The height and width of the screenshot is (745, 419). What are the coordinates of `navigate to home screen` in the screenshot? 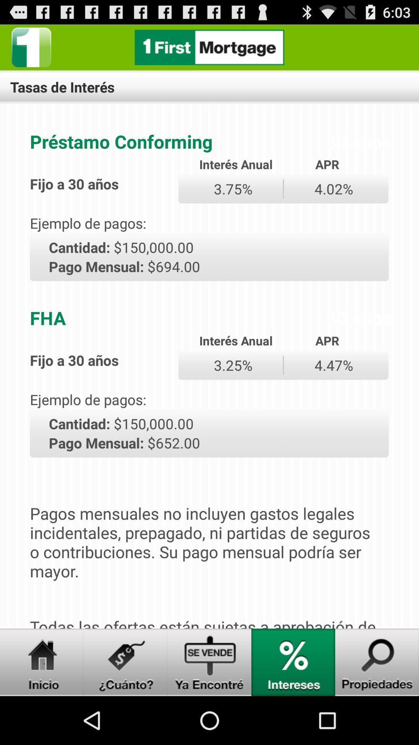 It's located at (42, 662).